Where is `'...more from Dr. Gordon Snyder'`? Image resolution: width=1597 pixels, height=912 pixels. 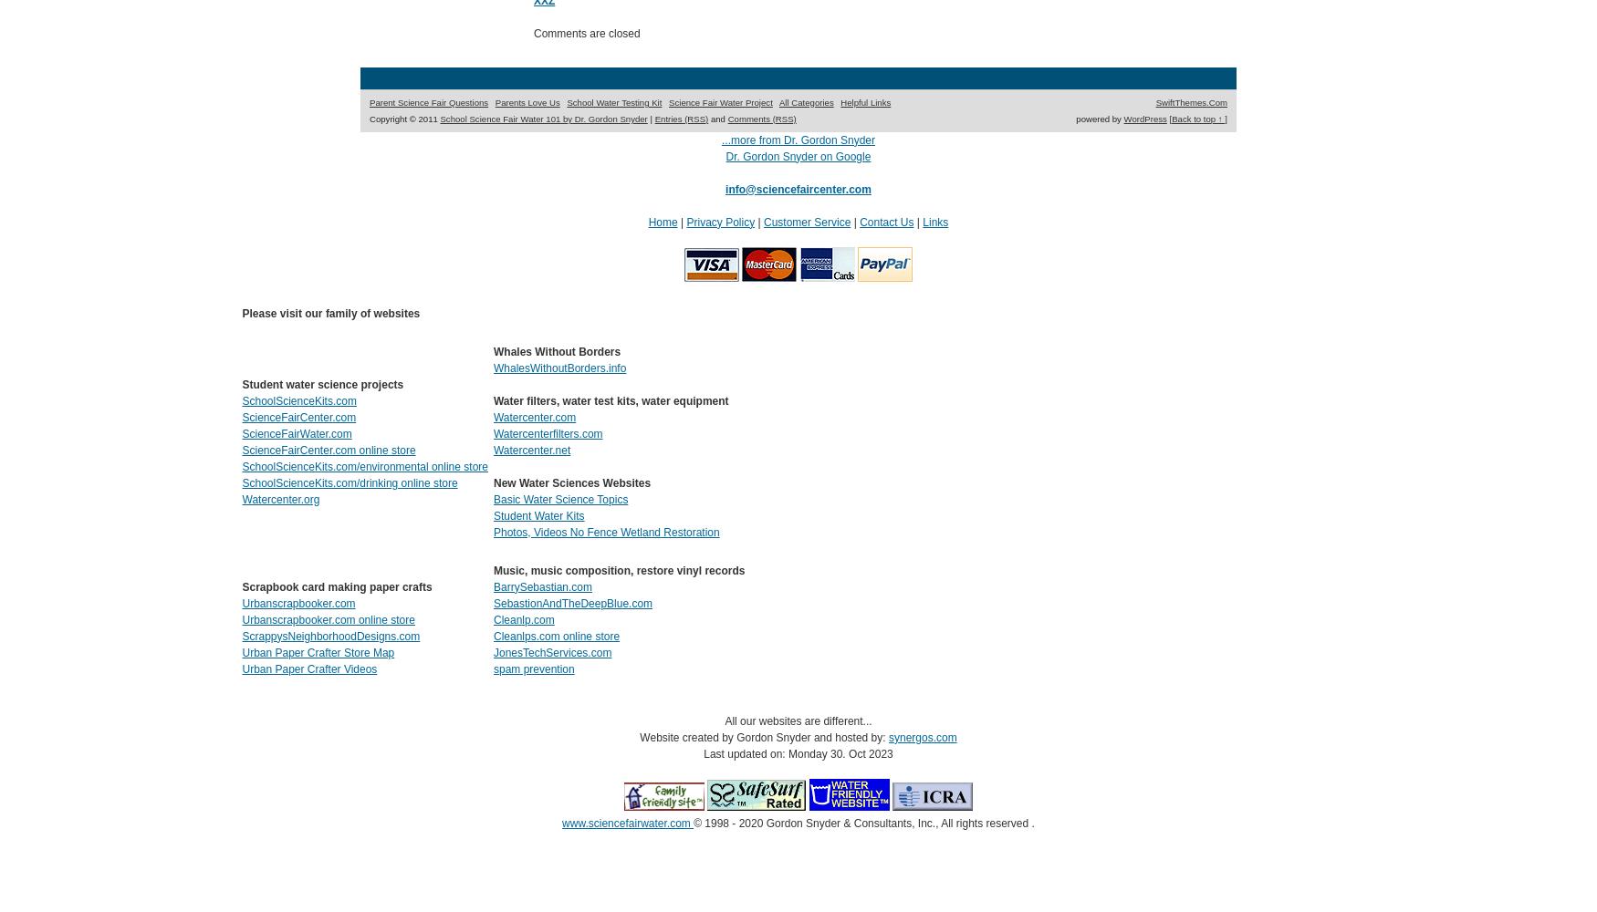 '...more from Dr. Gordon Snyder' is located at coordinates (798, 140).